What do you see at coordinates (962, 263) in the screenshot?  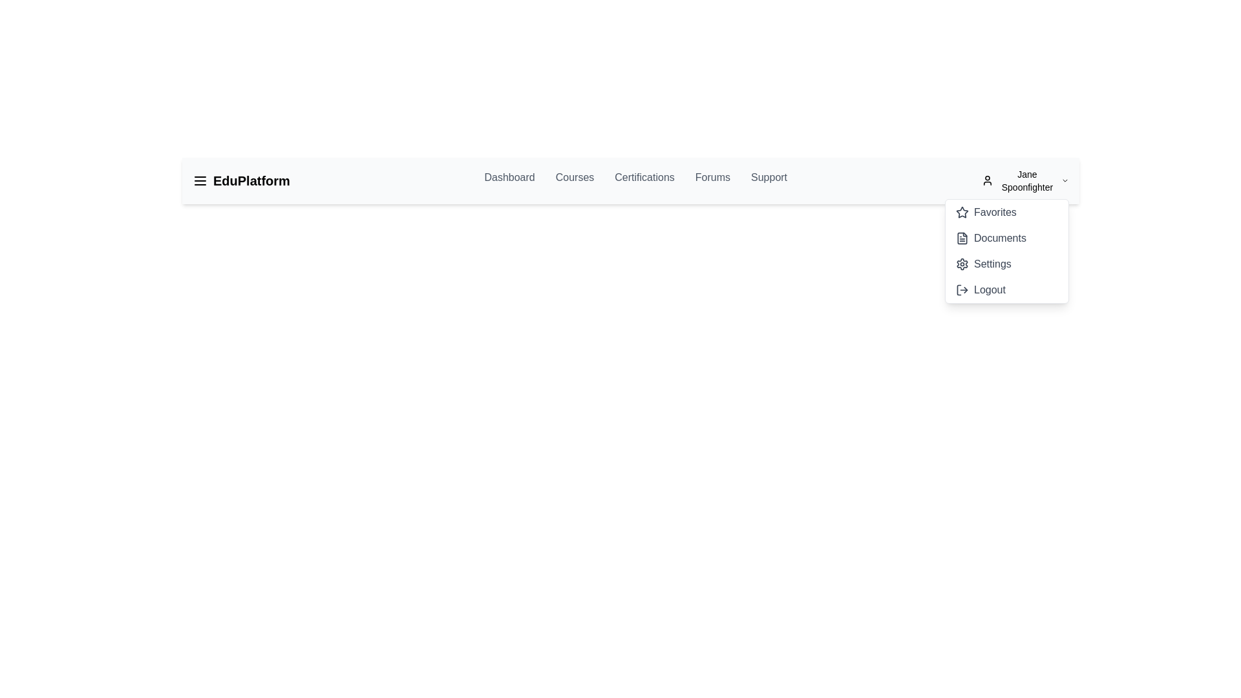 I see `the settings icon located in the dropdown menu at the upper-right corner of the interface` at bounding box center [962, 263].